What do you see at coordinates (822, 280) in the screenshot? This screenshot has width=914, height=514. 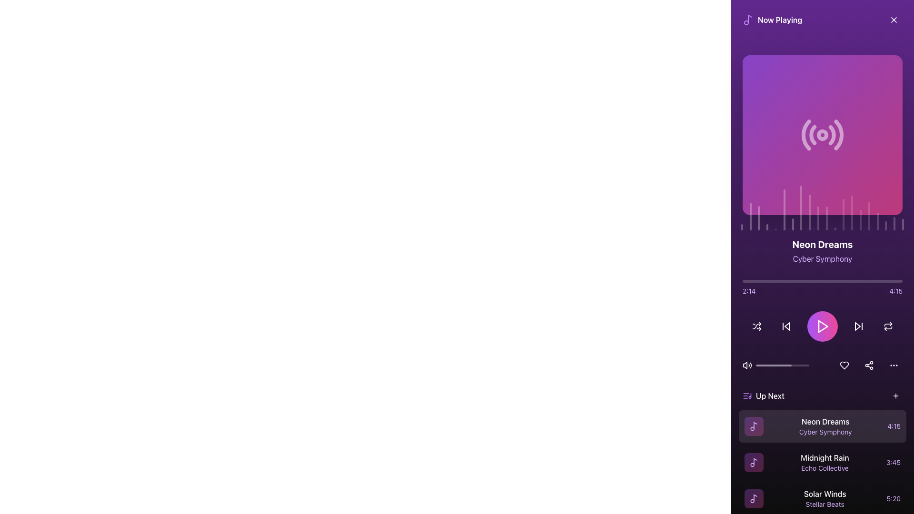 I see `the Progress Bar located below the album artwork and above the playback controls` at bounding box center [822, 280].